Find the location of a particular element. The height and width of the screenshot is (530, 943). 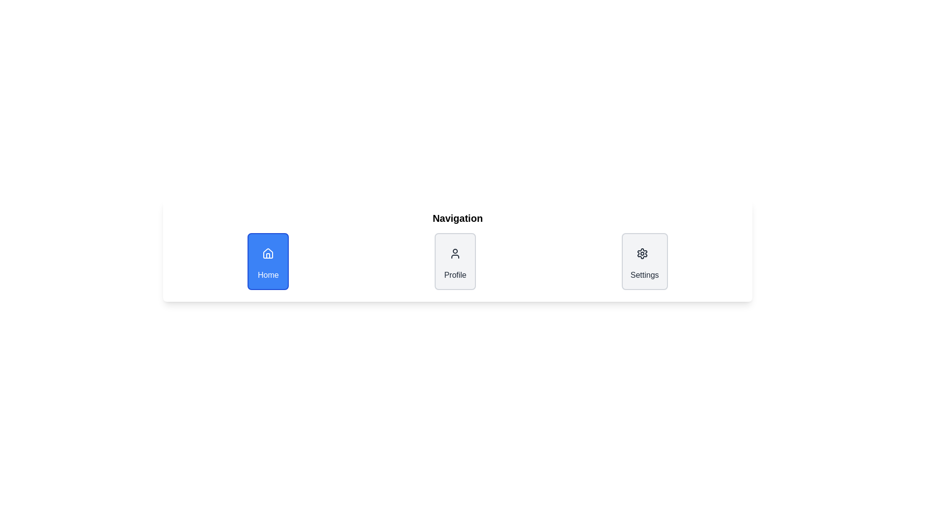

house icon SVG element located within the blue button labeled 'Home' in the navigation bar is located at coordinates (268, 253).